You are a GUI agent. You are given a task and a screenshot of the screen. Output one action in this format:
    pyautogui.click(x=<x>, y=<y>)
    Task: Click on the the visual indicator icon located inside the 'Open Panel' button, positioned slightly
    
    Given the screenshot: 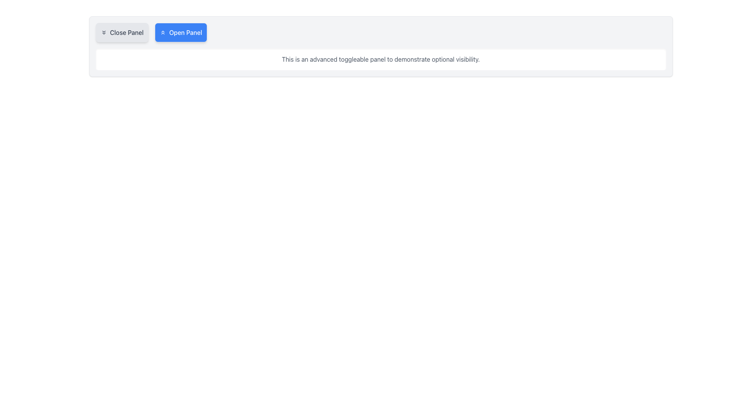 What is the action you would take?
    pyautogui.click(x=163, y=32)
    